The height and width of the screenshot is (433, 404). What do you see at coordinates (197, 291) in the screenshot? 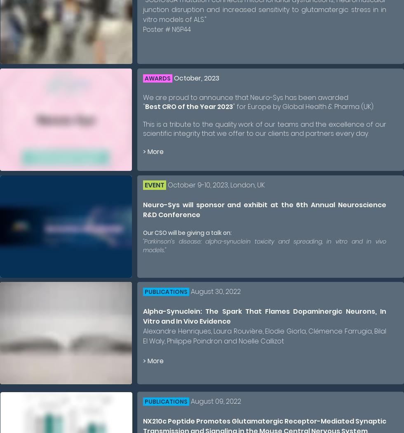
I see `'Aug'` at bounding box center [197, 291].